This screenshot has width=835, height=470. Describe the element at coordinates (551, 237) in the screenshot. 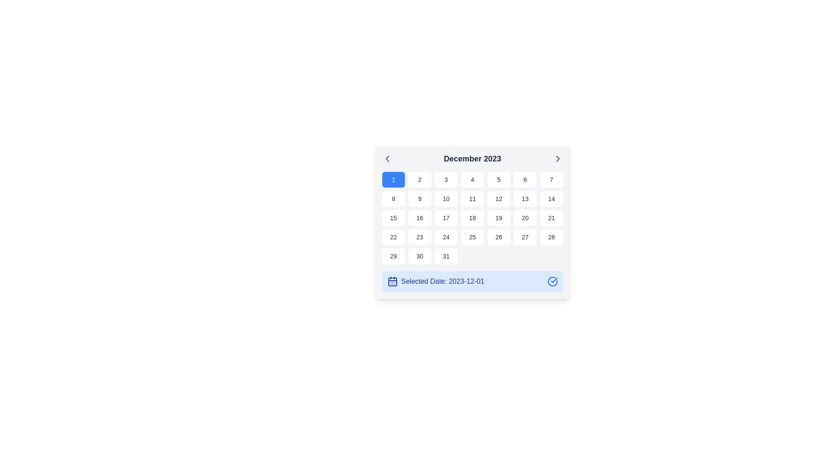

I see `the interactive calendar cell representing the 28th day of the month` at that location.